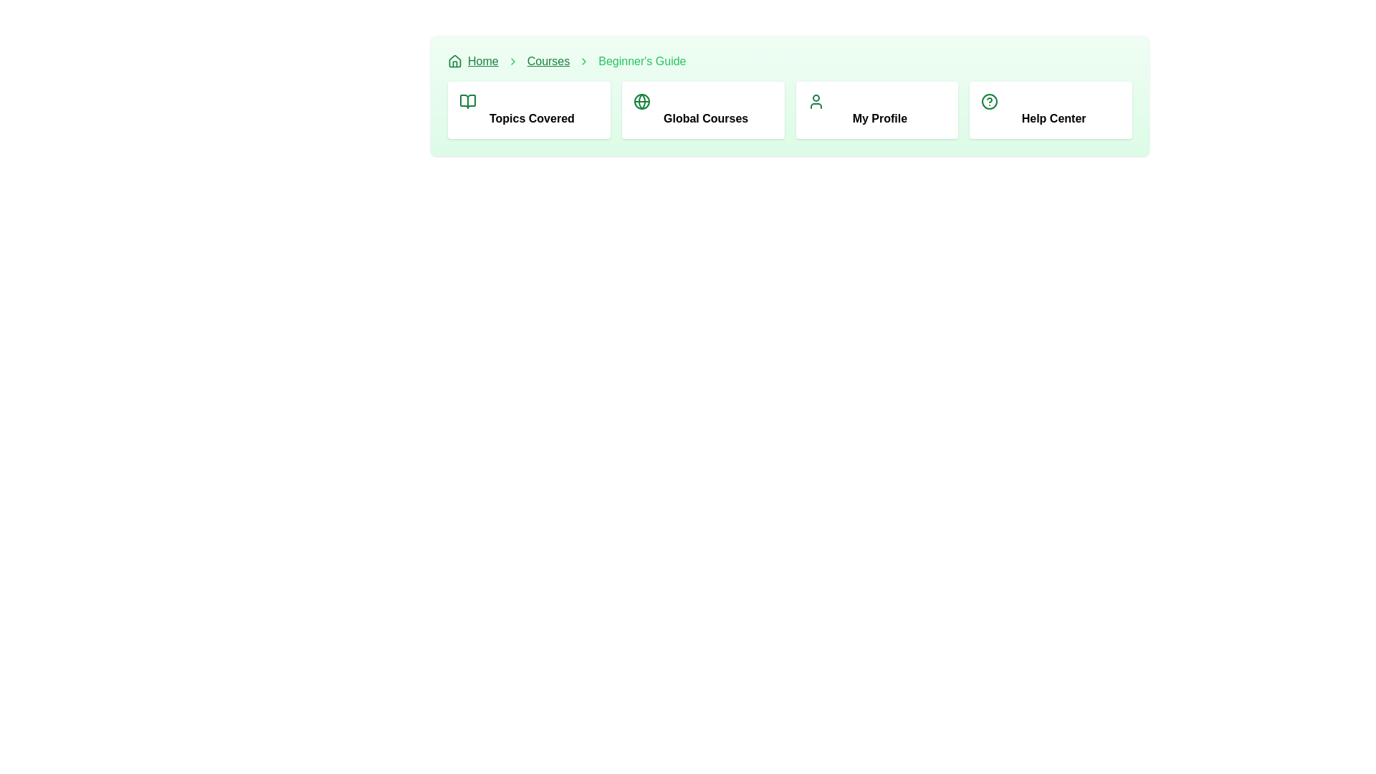 This screenshot has height=774, width=1376. What do you see at coordinates (473, 60) in the screenshot?
I see `the 'Home' hyperlink in the breadcrumb navigation` at bounding box center [473, 60].